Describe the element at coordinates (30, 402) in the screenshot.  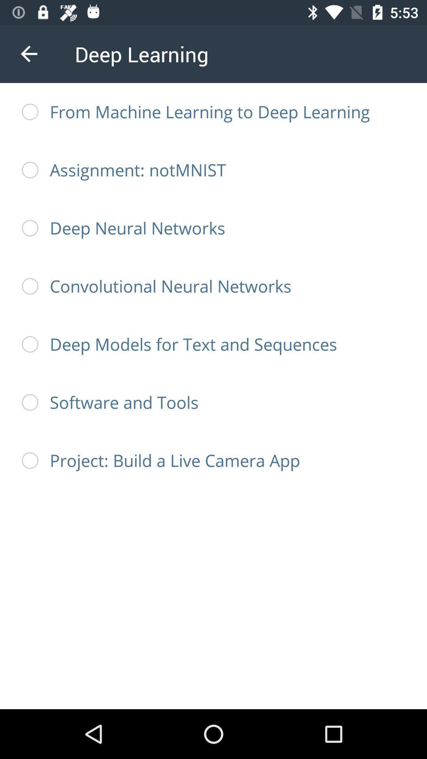
I see `the button which is left side of software and tools` at that location.